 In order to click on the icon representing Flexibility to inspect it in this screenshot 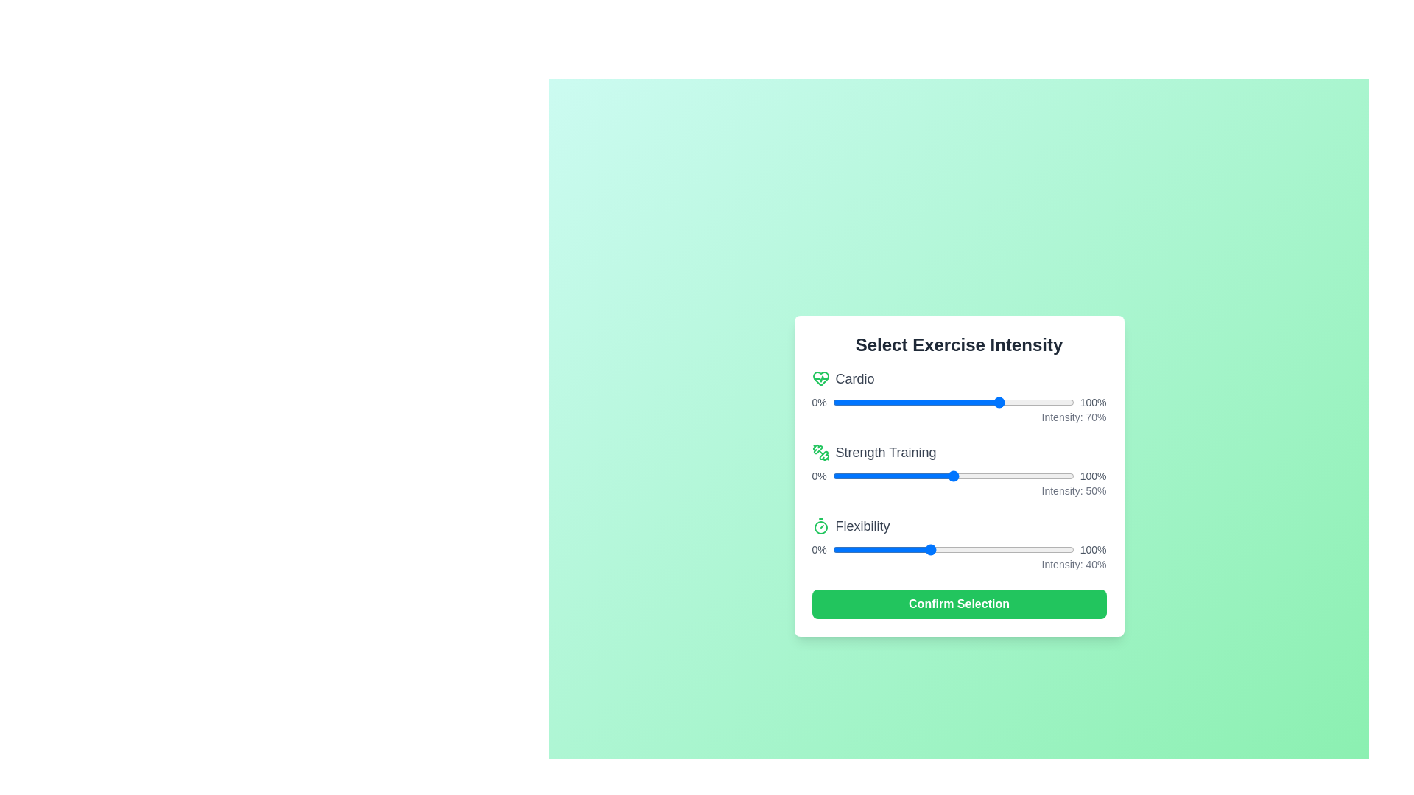, I will do `click(820, 525)`.